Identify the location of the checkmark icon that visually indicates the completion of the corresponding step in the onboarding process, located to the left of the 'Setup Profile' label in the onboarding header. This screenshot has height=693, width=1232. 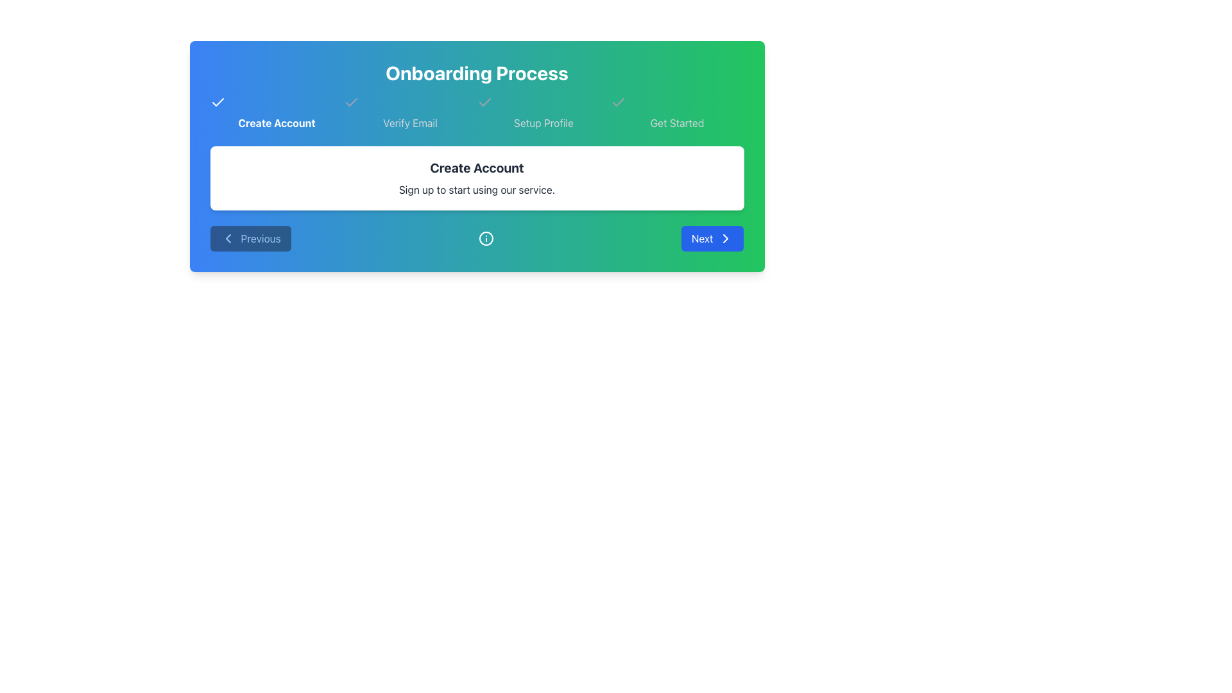
(618, 101).